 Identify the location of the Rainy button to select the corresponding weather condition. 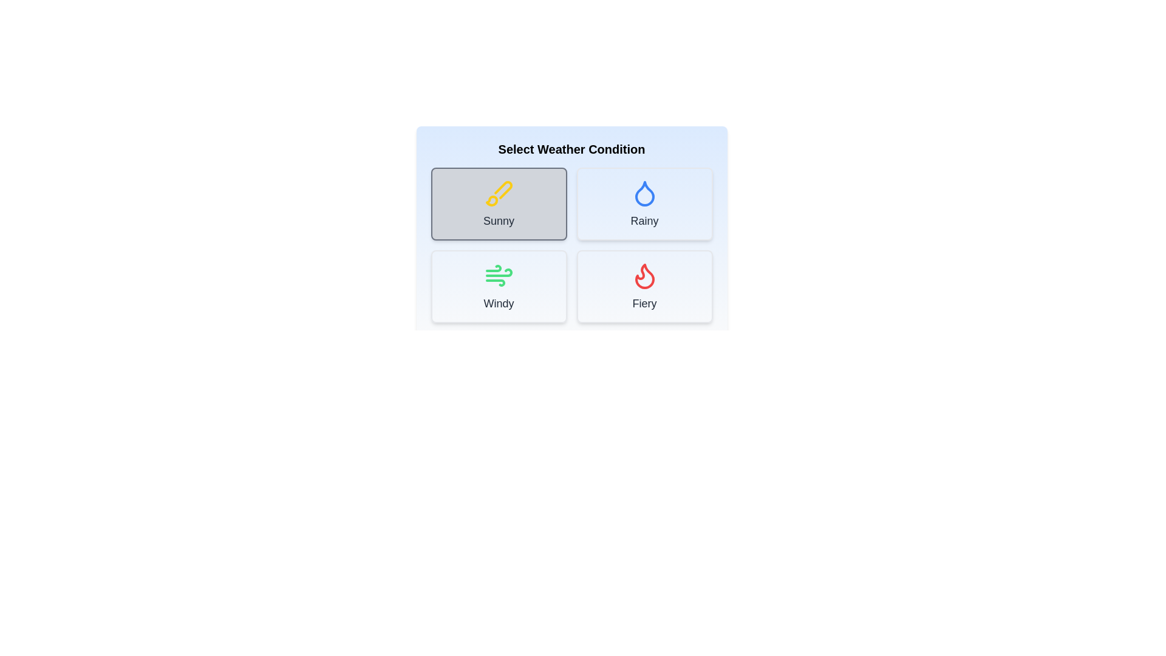
(644, 203).